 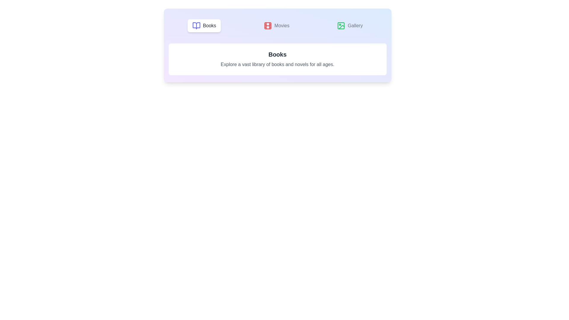 I want to click on the Books tab by clicking its button, so click(x=204, y=25).